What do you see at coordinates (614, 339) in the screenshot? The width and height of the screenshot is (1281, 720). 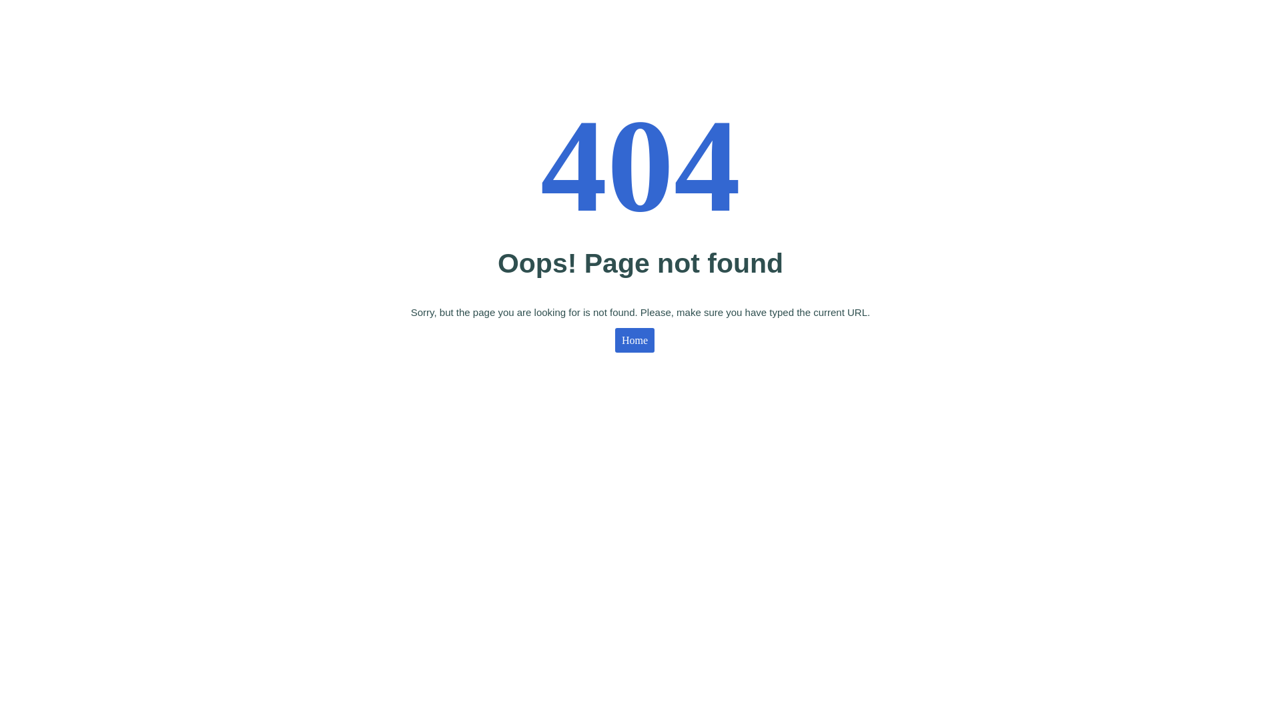 I see `'Home'` at bounding box center [614, 339].